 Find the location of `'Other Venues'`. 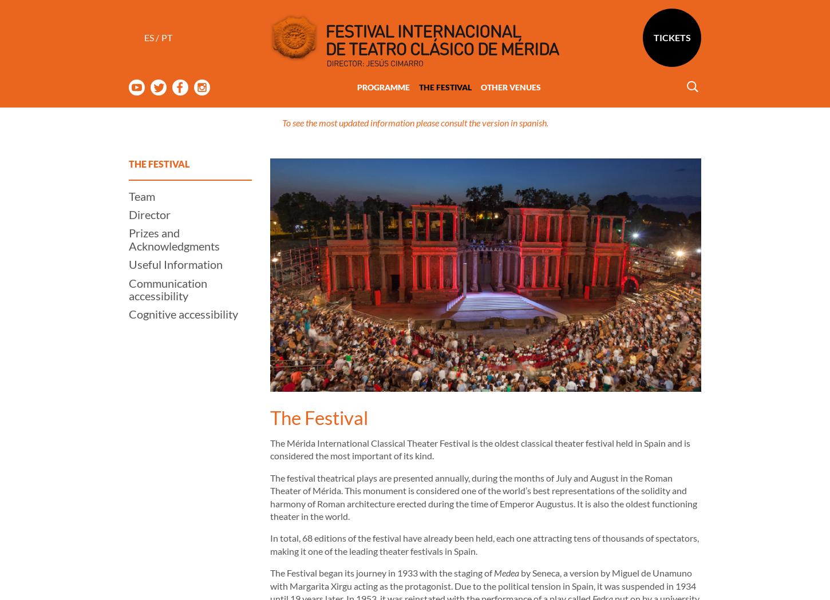

'Other Venues' is located at coordinates (509, 41).